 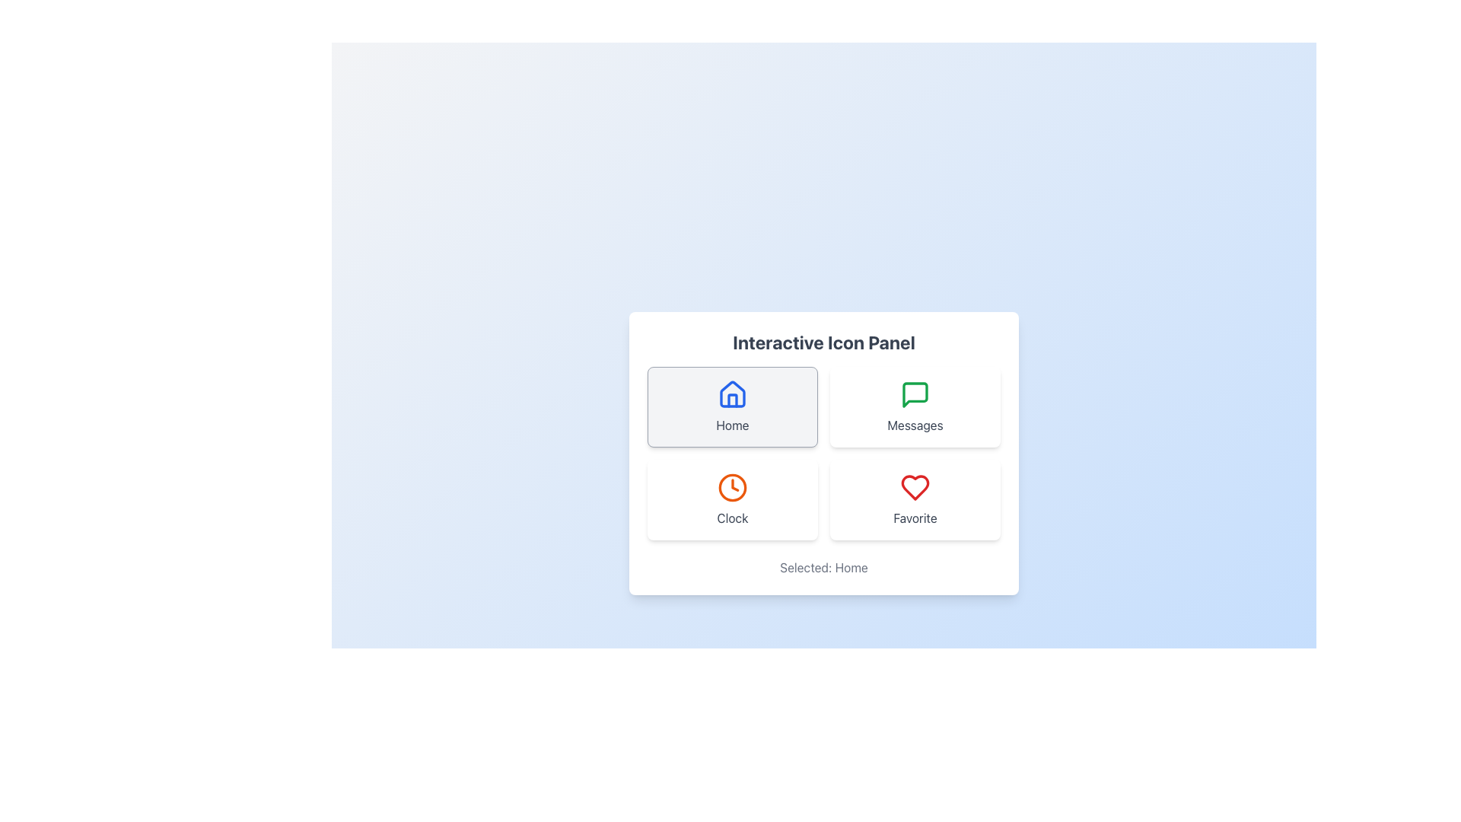 What do you see at coordinates (733, 499) in the screenshot?
I see `the Clickable tile with an orange clock icon and 'Clock' label` at bounding box center [733, 499].